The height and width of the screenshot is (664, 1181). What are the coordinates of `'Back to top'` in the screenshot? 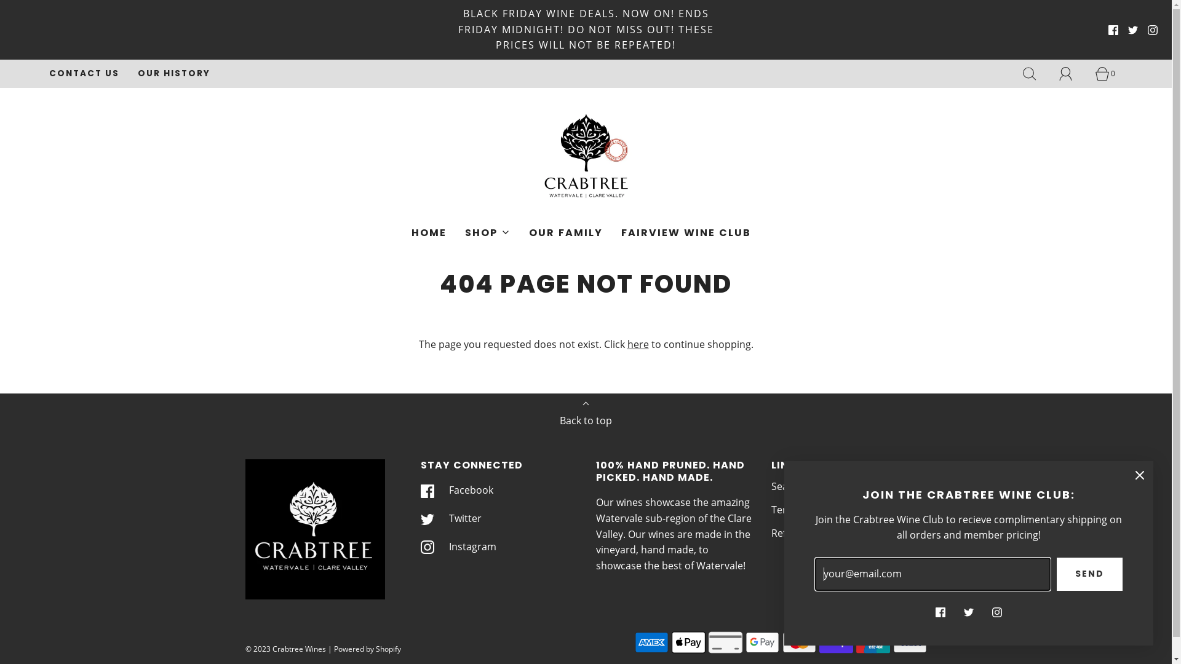 It's located at (585, 416).